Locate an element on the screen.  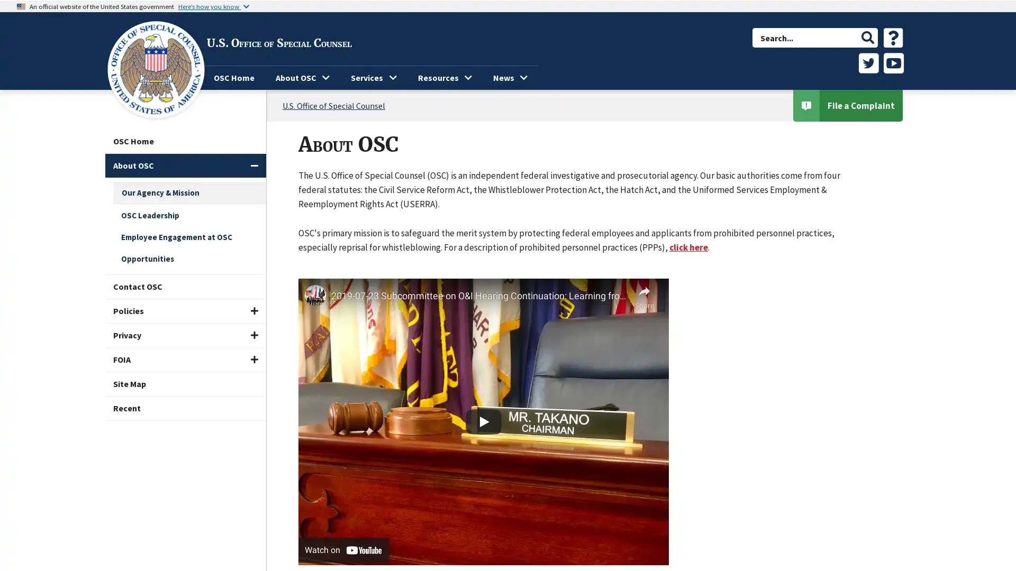
About OSC is located at coordinates (302, 77).